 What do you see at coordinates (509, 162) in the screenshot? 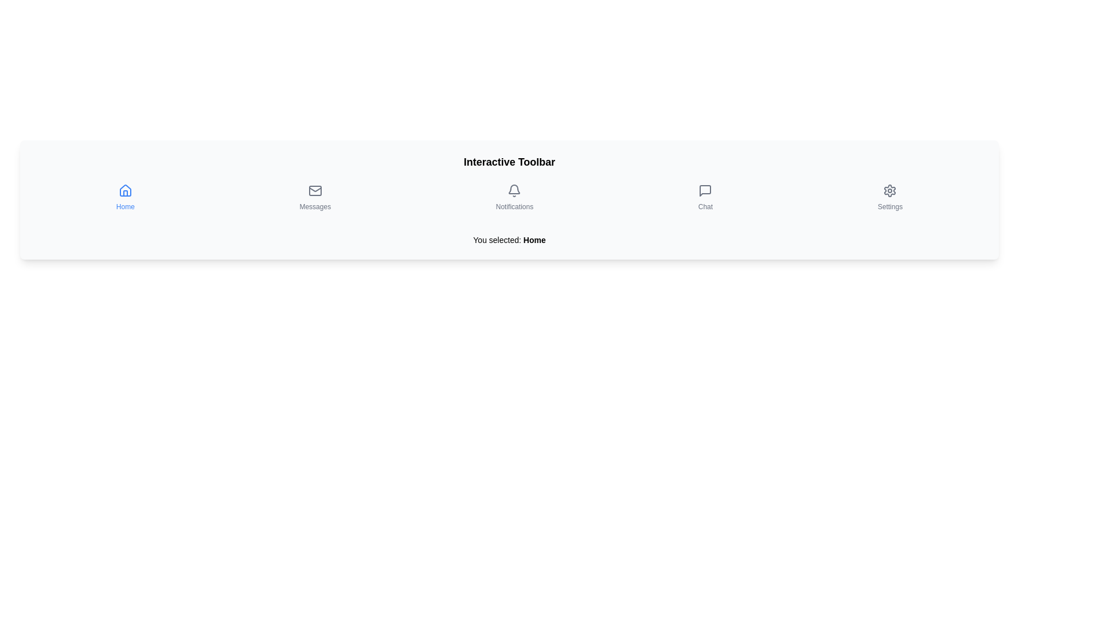
I see `the 'Interactive Toolbar' text element, which is a bold and large font title label located at the top center of the interface, above the navigation elements` at bounding box center [509, 162].